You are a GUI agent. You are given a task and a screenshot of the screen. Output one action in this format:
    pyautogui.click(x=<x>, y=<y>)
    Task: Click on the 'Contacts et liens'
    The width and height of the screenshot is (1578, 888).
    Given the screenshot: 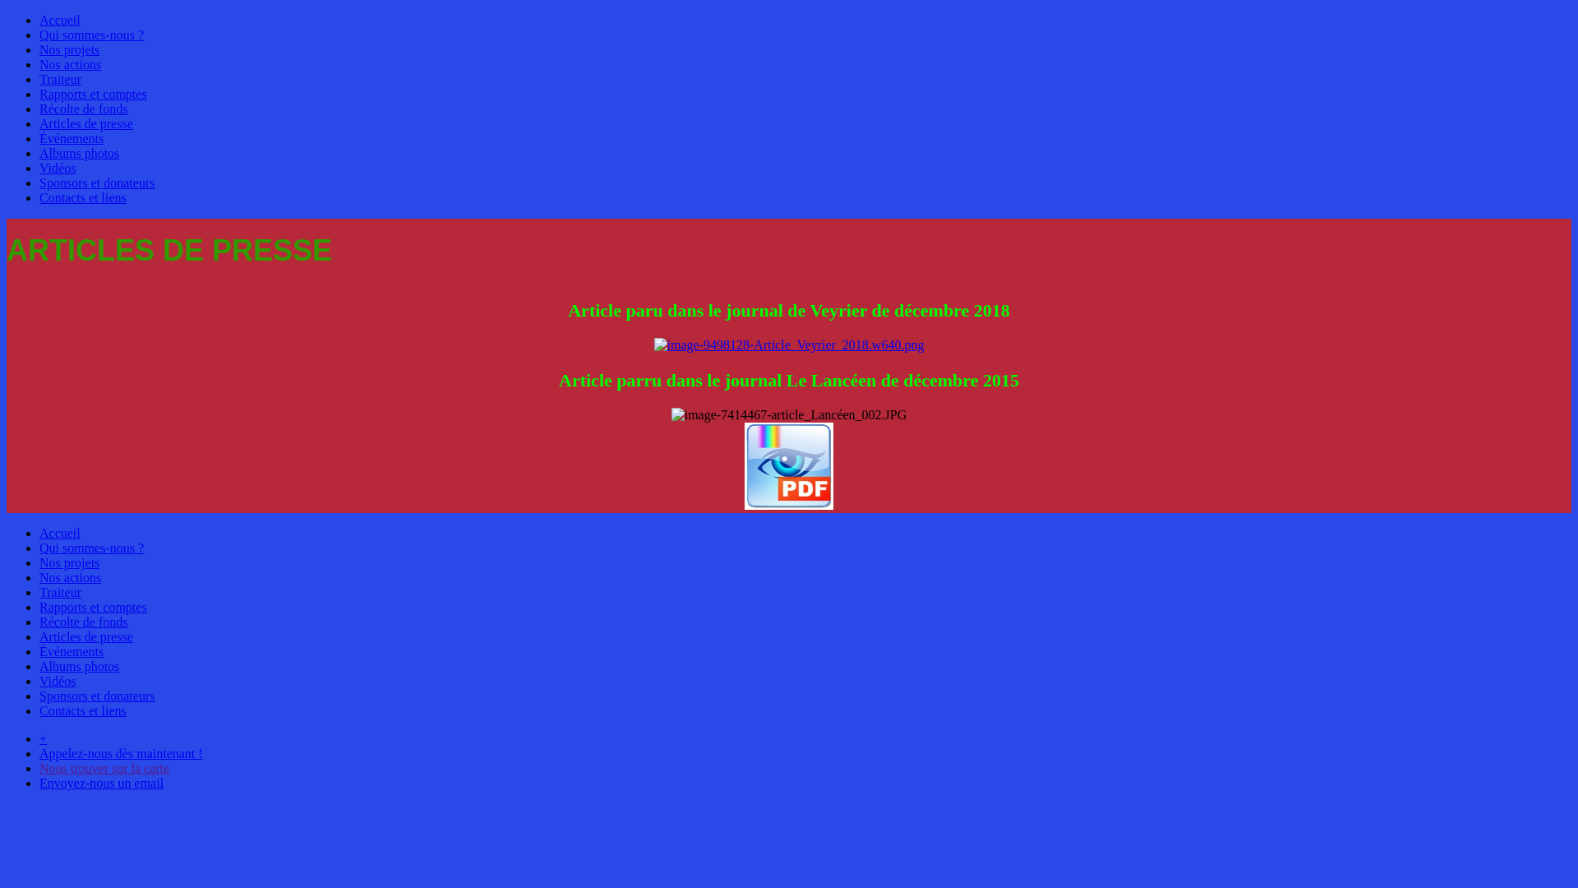 What is the action you would take?
    pyautogui.click(x=81, y=197)
    